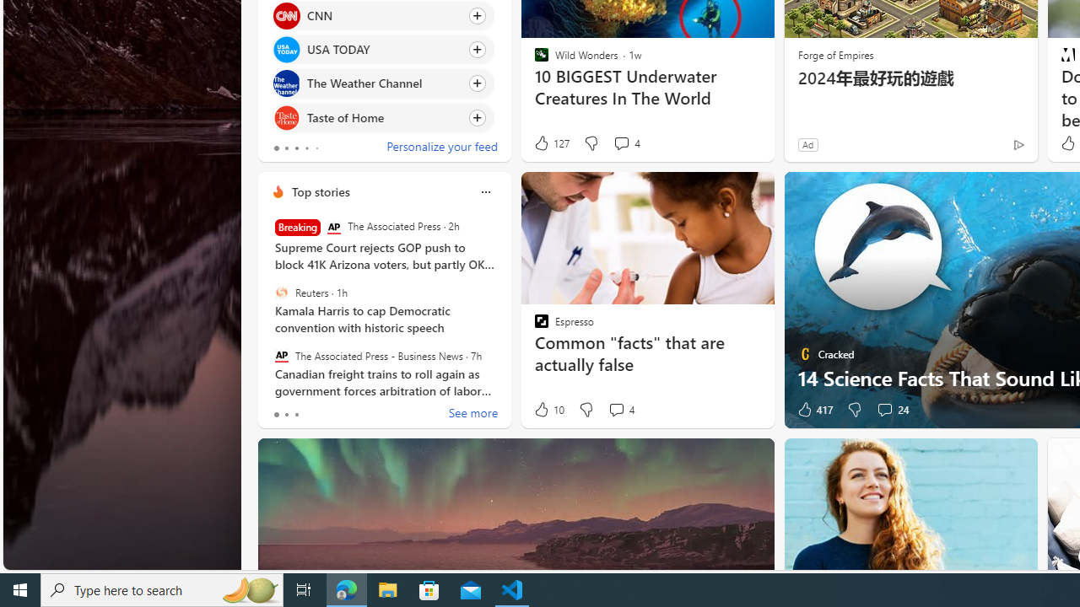  What do you see at coordinates (286, 415) in the screenshot?
I see `'tab-1'` at bounding box center [286, 415].